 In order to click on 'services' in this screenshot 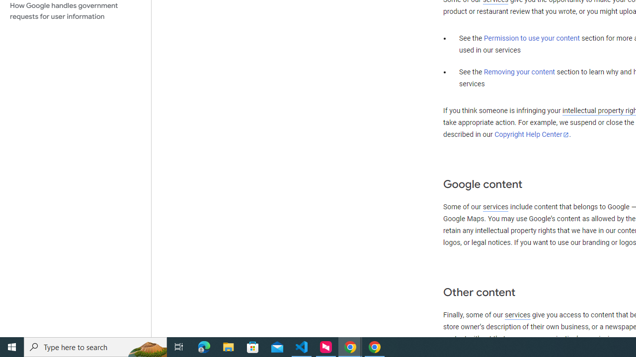, I will do `click(517, 315)`.